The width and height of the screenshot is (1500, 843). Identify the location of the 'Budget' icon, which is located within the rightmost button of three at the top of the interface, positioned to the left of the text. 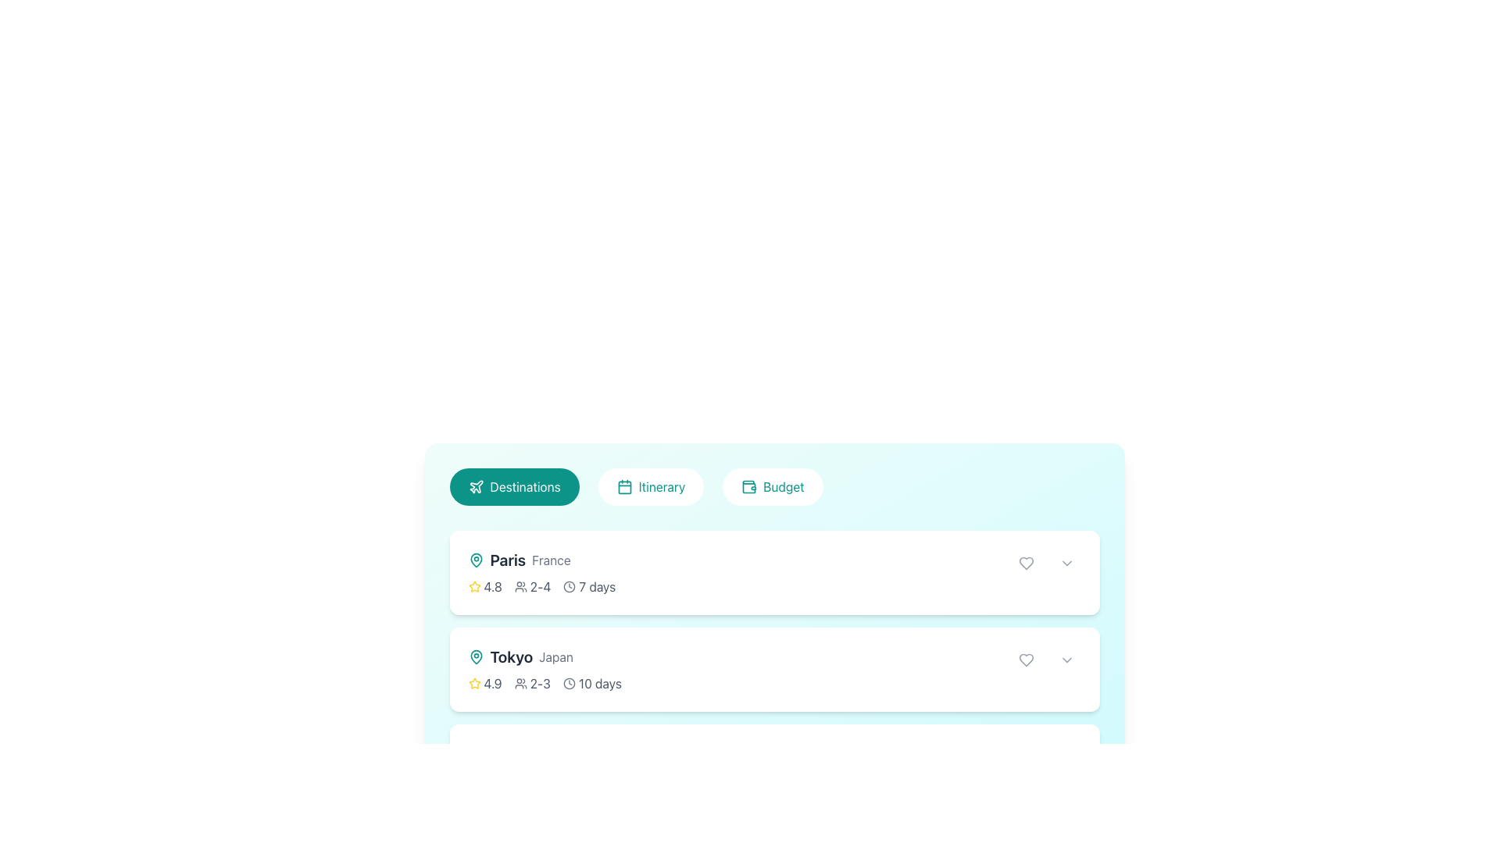
(748, 486).